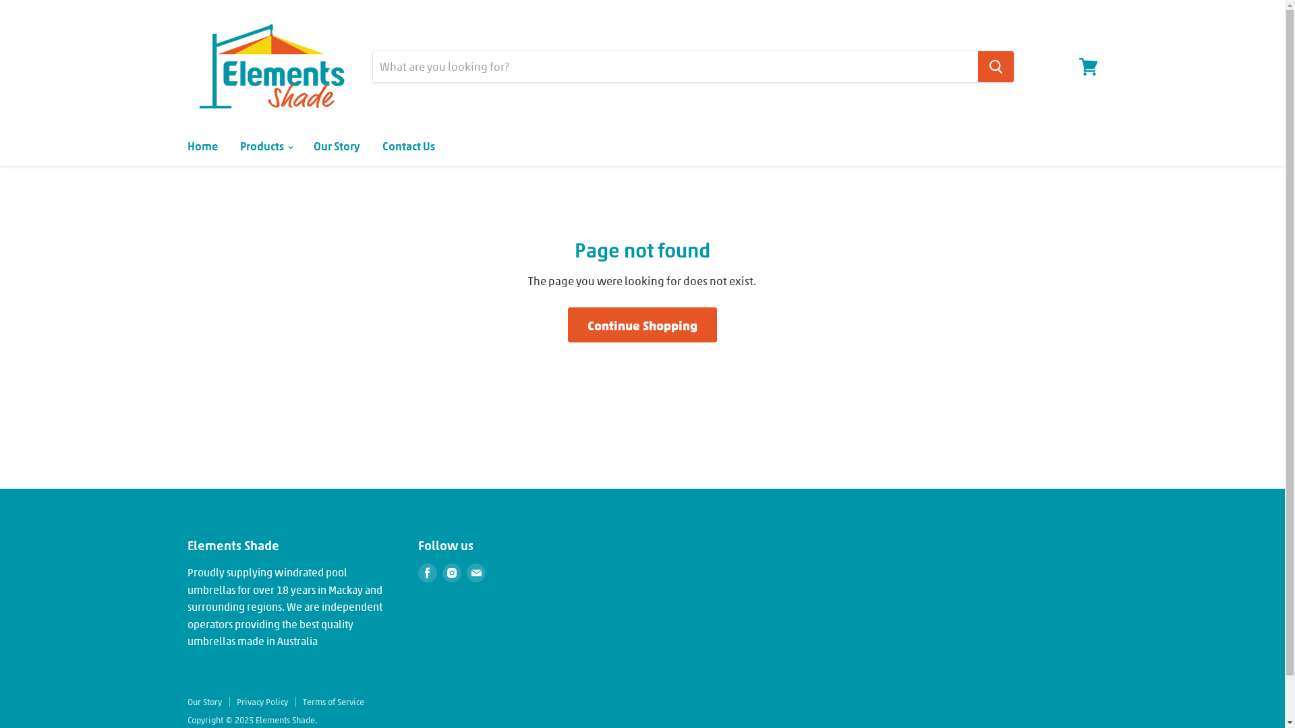 This screenshot has width=1295, height=728. What do you see at coordinates (452, 572) in the screenshot?
I see `'Find us on Instagram'` at bounding box center [452, 572].